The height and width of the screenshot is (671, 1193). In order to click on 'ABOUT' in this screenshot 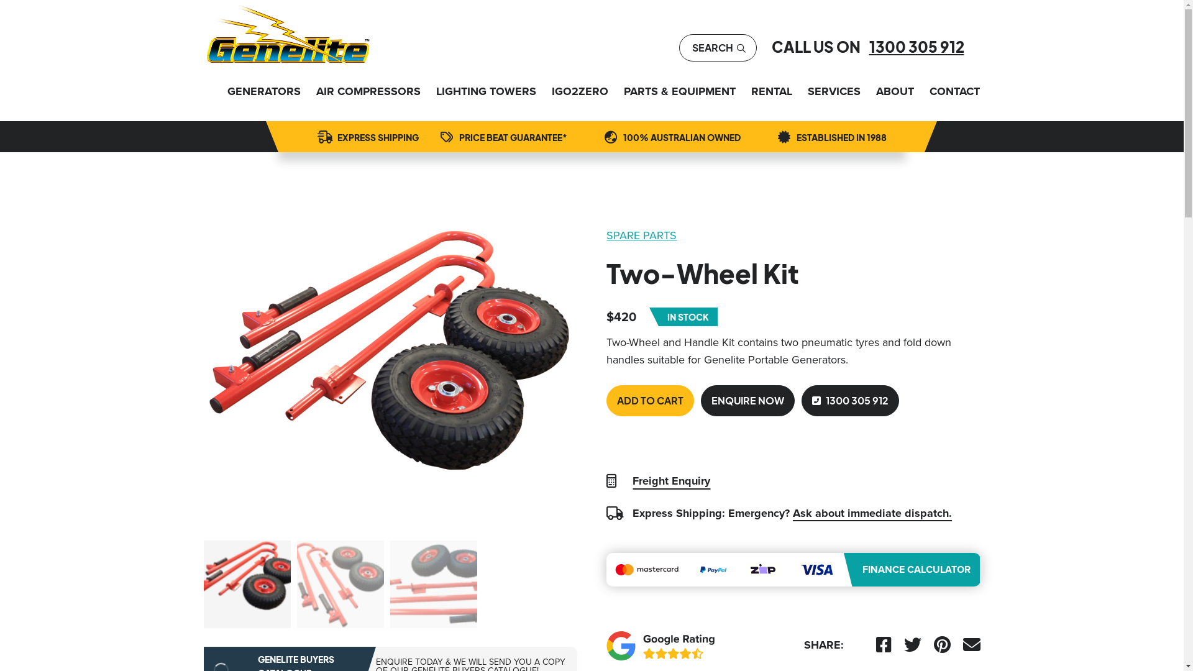, I will do `click(875, 90)`.